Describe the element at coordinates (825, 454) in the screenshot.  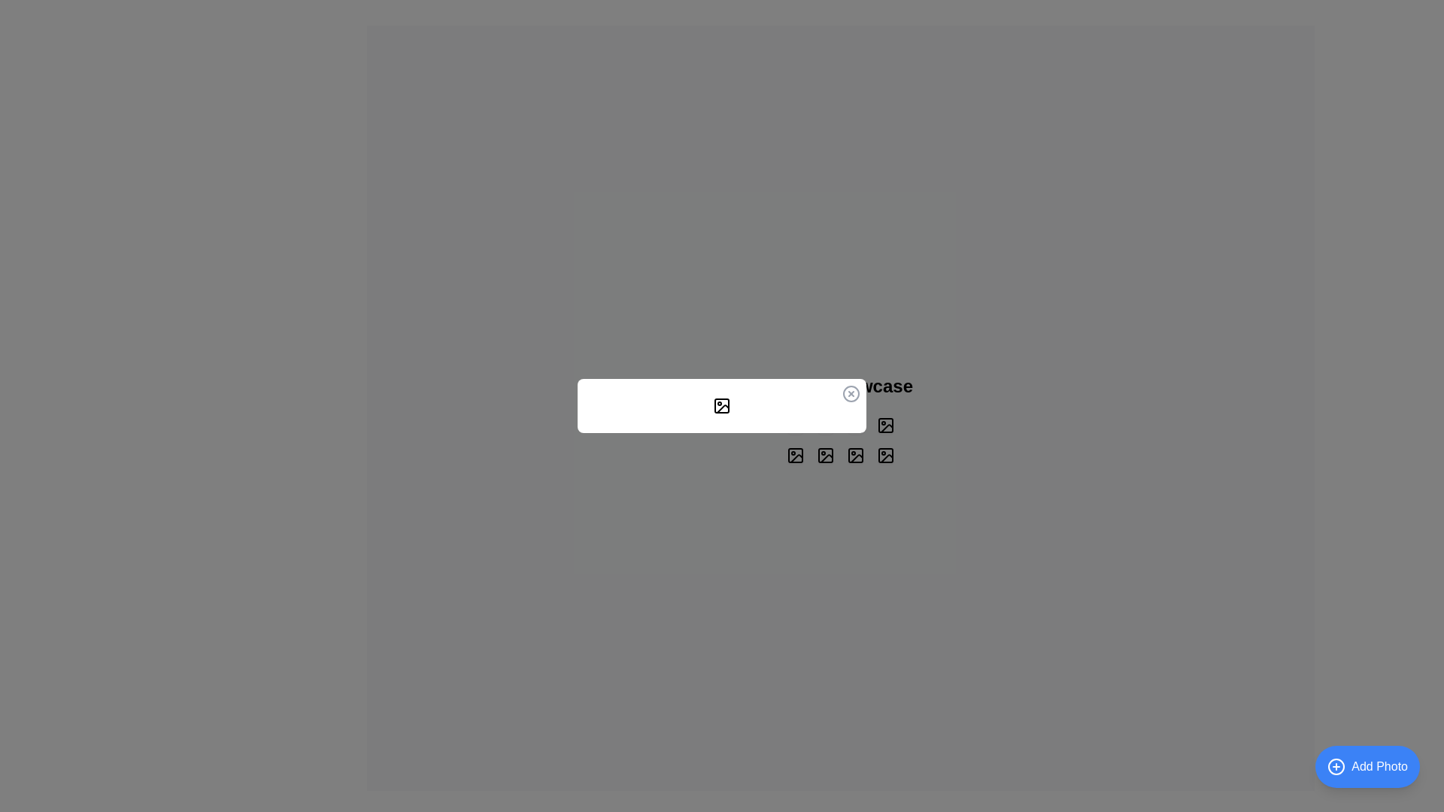
I see `the zoom-in button with a black background and white content in the third column and third row of the grid layout to magnify the content` at that location.